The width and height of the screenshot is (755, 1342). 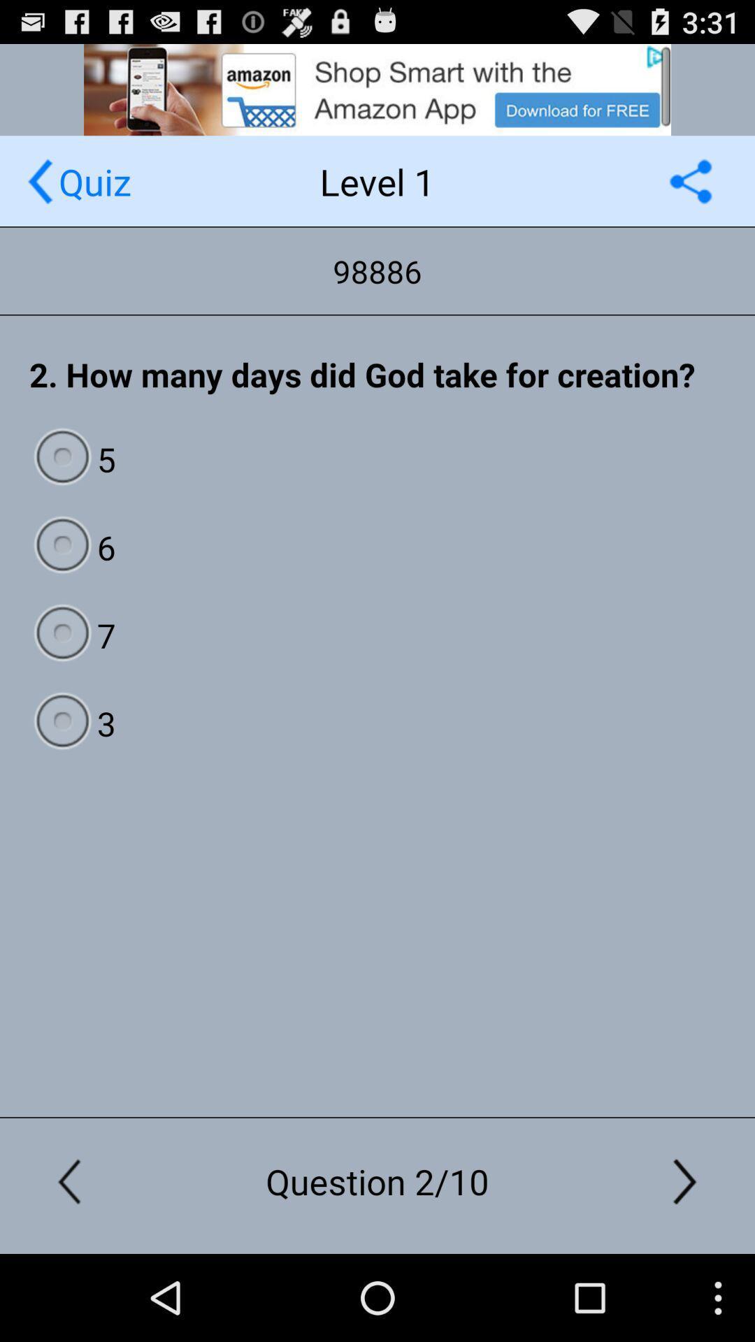 I want to click on privious page, so click(x=39, y=180).